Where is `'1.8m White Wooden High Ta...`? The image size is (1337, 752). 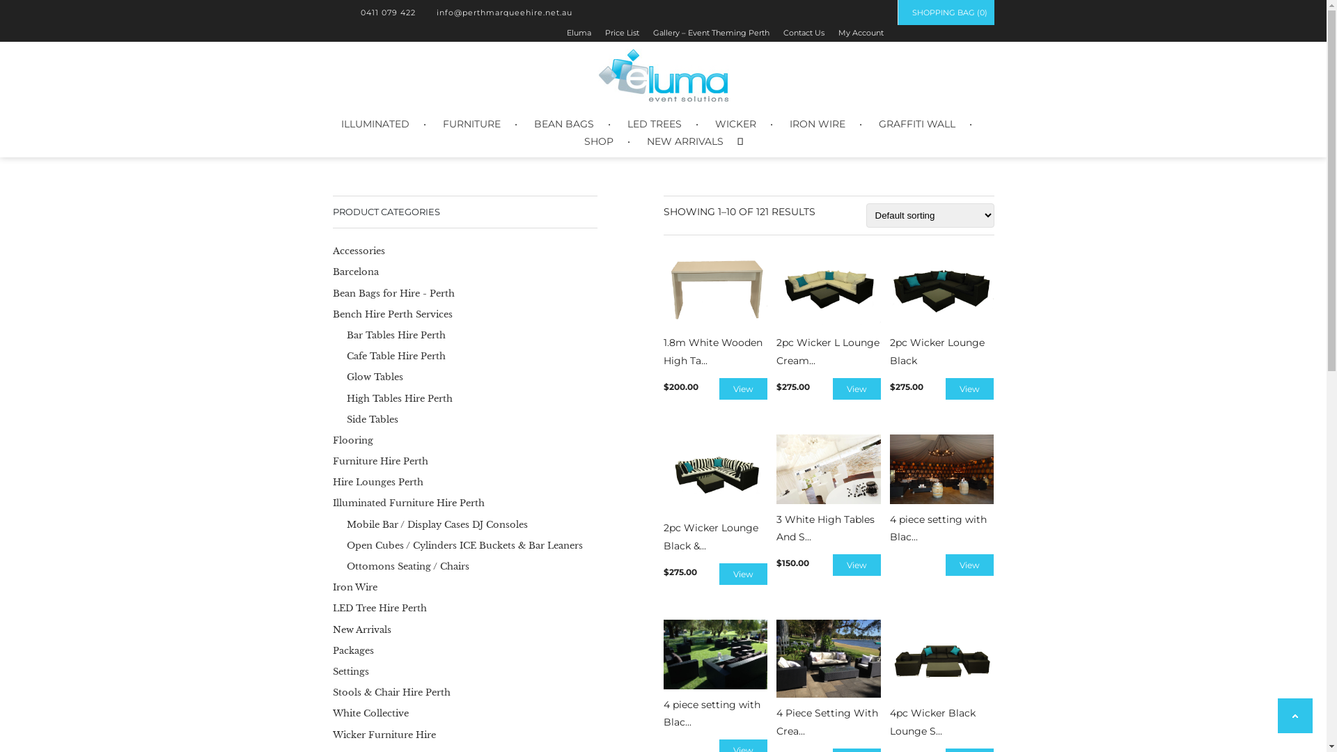 '1.8m White Wooden High Ta... is located at coordinates (715, 308).